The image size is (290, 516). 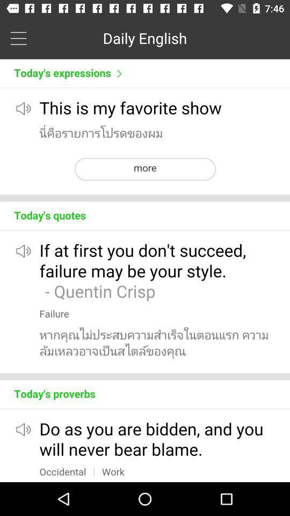 What do you see at coordinates (18, 38) in the screenshot?
I see `the menu icon` at bounding box center [18, 38].